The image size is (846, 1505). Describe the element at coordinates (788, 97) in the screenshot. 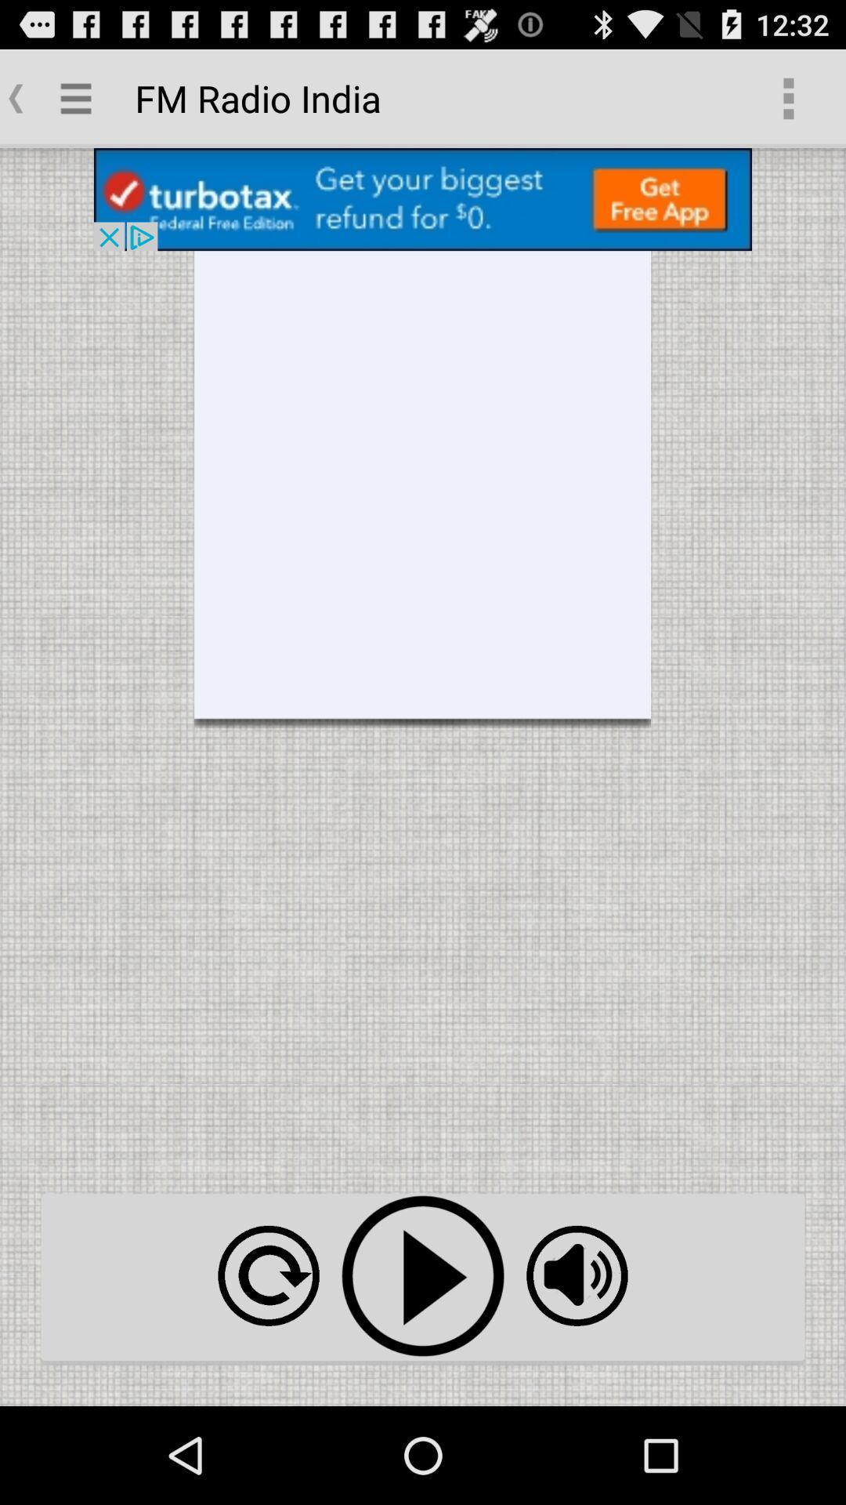

I see `icon at the top right corner` at that location.